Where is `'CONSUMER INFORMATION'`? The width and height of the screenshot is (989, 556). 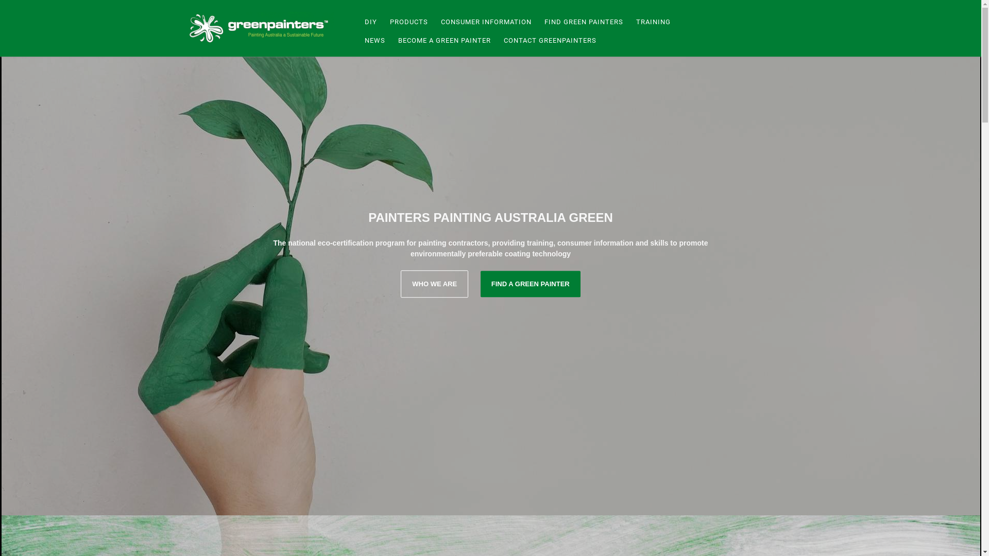
'CONSUMER INFORMATION' is located at coordinates (484, 22).